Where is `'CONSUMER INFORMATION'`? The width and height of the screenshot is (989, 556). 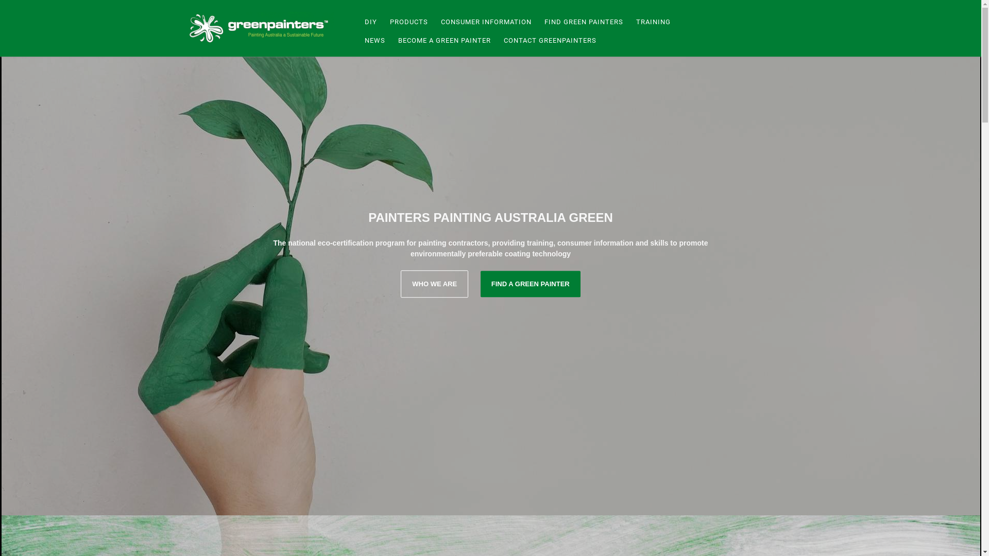
'CONSUMER INFORMATION' is located at coordinates (484, 22).